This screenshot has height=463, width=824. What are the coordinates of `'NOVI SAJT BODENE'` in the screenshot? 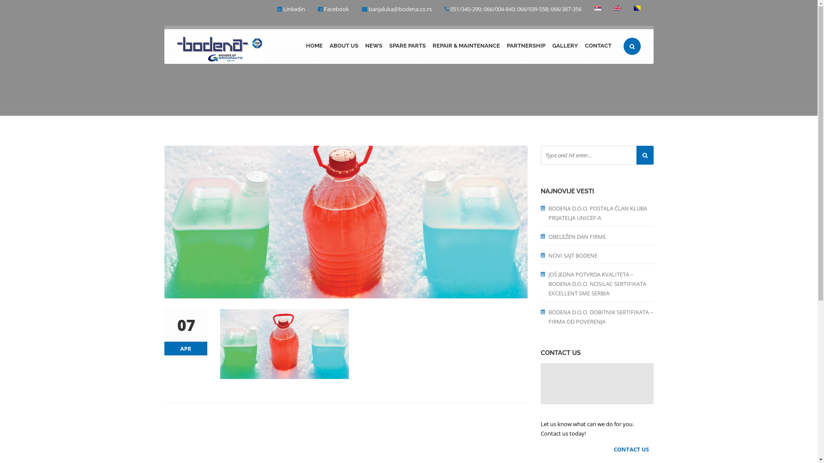 It's located at (600, 254).